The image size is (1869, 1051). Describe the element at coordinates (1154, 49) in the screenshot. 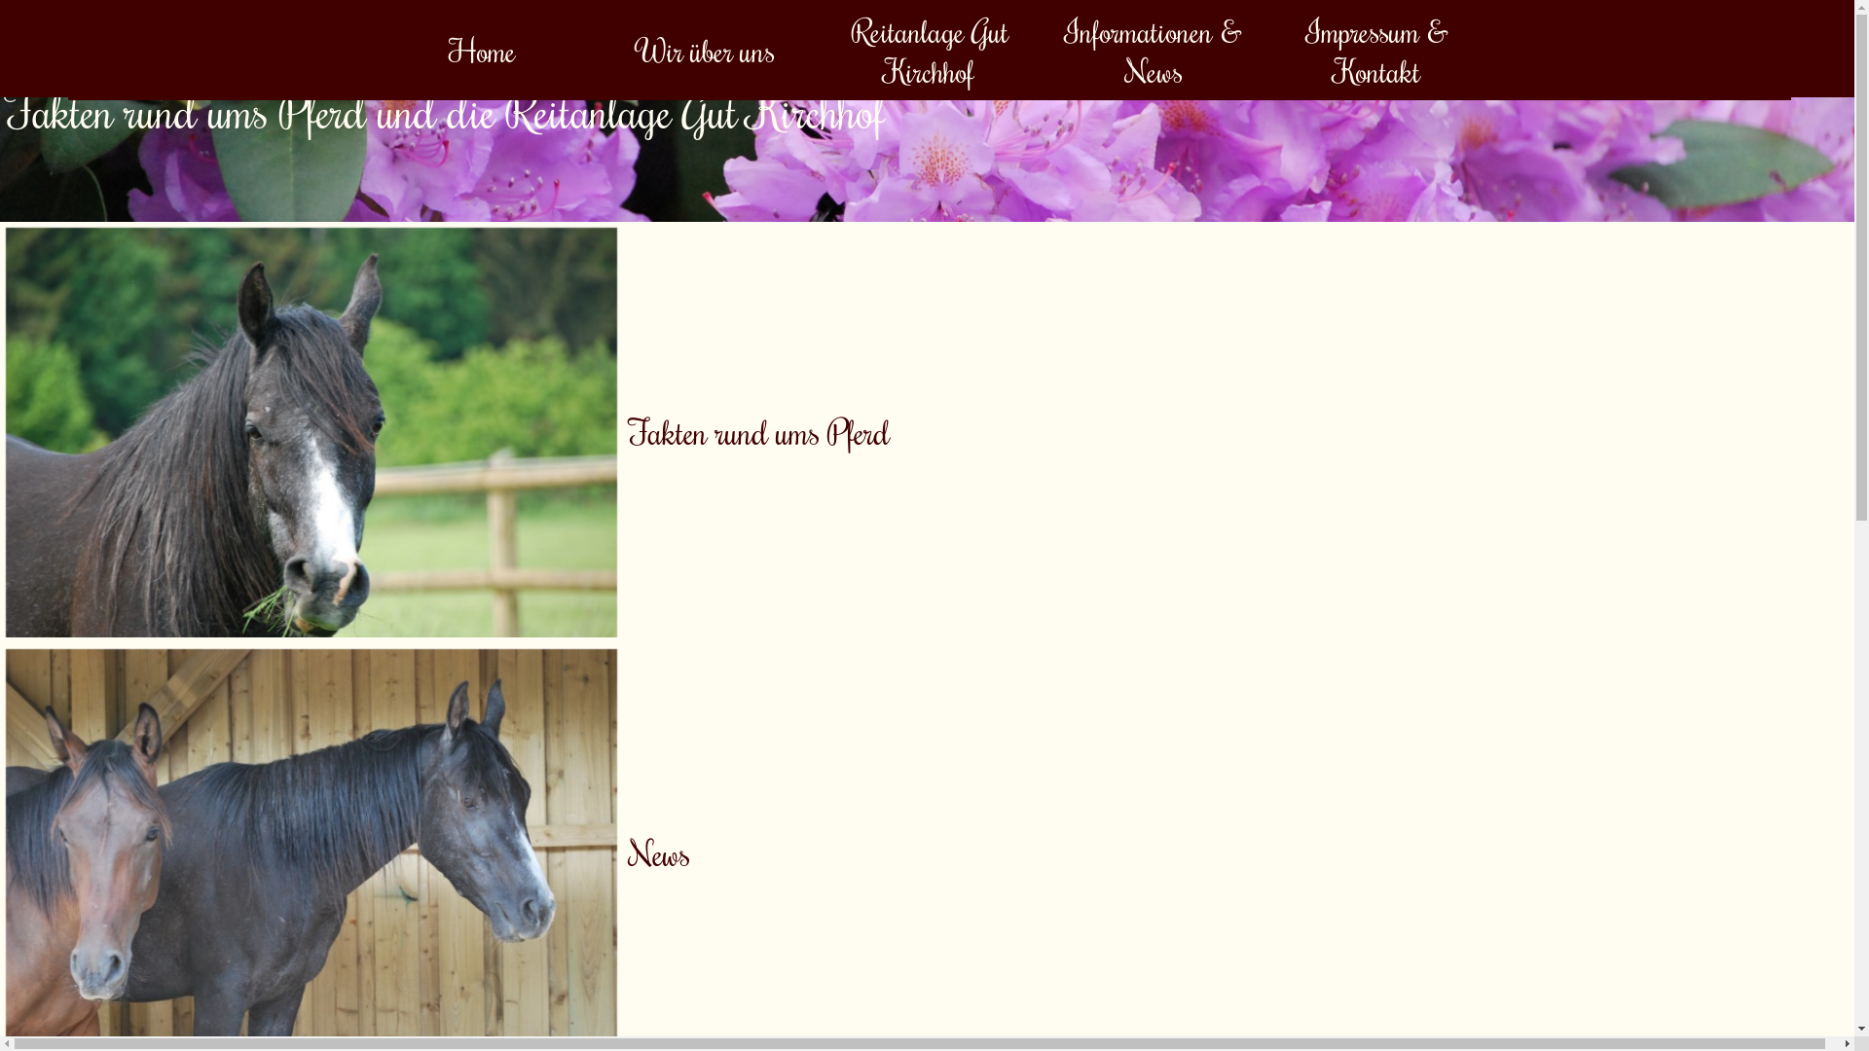

I see `'Informationen & News'` at that location.